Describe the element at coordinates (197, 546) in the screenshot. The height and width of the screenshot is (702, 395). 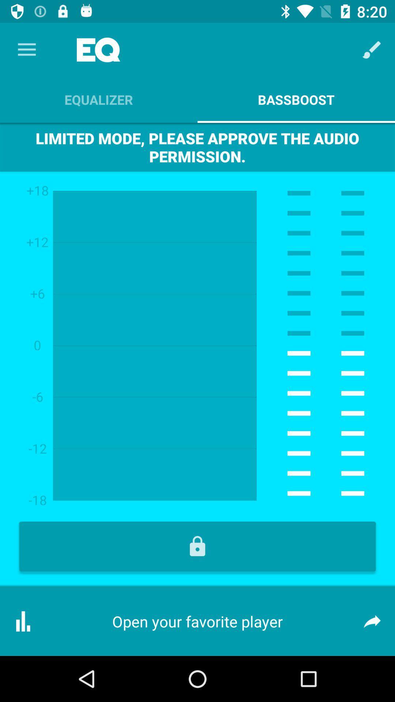
I see `lock` at that location.